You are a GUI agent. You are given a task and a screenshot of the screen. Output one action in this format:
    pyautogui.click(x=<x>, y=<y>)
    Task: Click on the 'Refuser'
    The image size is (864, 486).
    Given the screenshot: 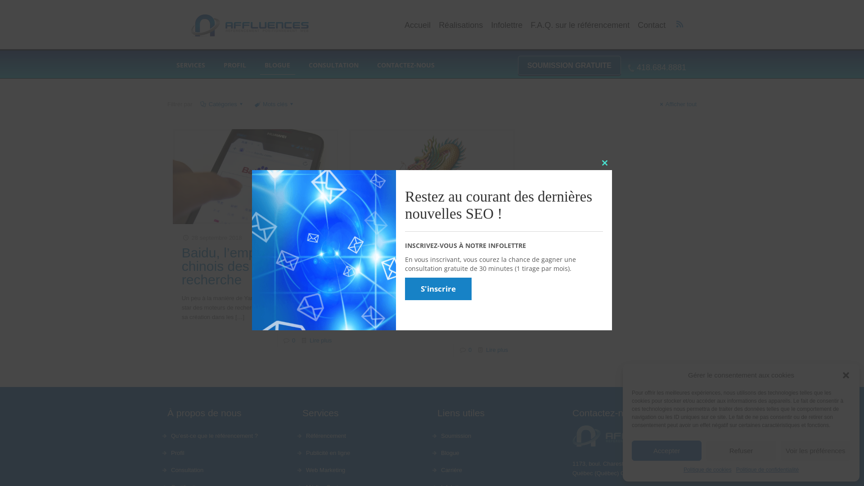 What is the action you would take?
    pyautogui.click(x=741, y=450)
    